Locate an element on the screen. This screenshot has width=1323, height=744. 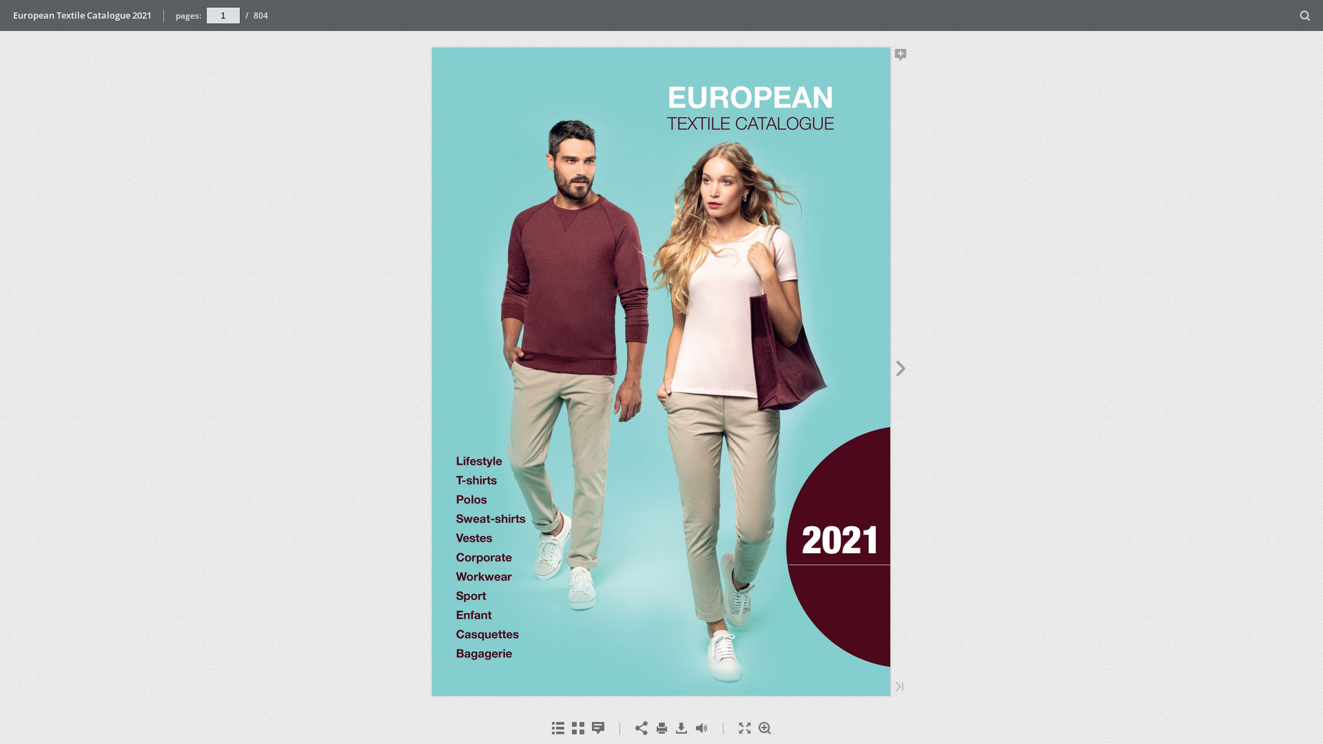
'Toggle Sound' is located at coordinates (701, 727).